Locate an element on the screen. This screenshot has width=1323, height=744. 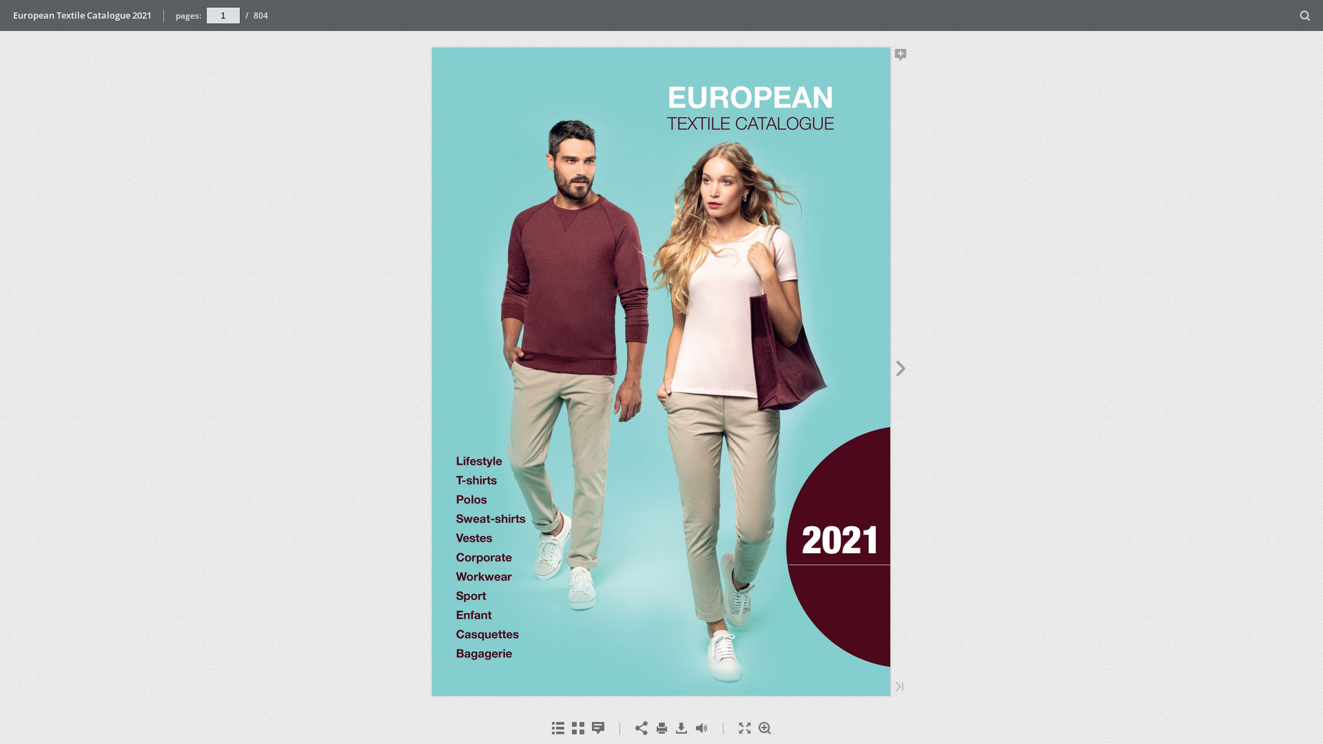
'Toggle Sound' is located at coordinates (701, 727).